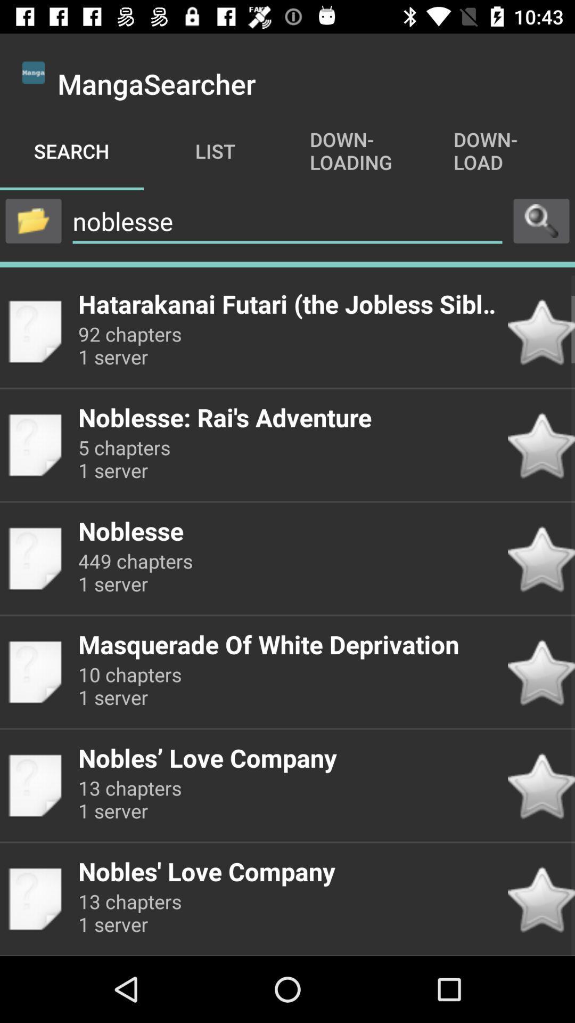 The image size is (575, 1023). What do you see at coordinates (32, 220) in the screenshot?
I see `the folder icon` at bounding box center [32, 220].